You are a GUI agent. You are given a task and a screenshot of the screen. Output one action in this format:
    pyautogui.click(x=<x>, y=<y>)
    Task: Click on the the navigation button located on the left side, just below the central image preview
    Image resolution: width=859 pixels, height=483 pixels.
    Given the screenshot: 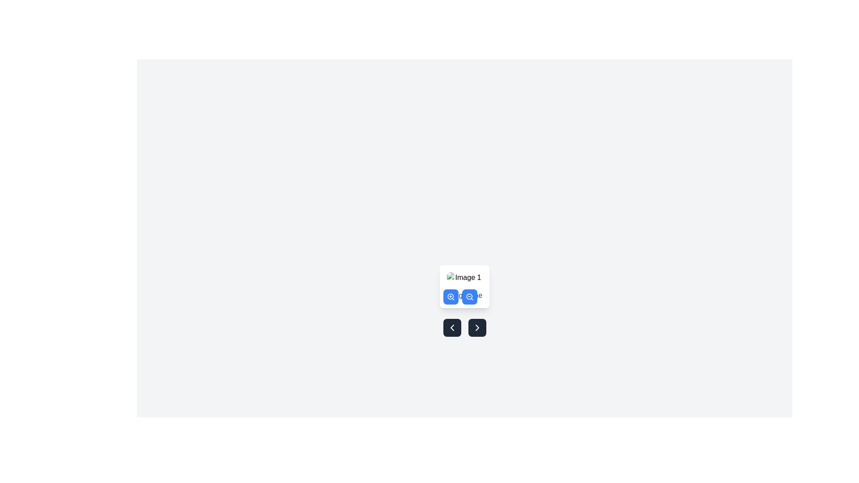 What is the action you would take?
    pyautogui.click(x=452, y=327)
    